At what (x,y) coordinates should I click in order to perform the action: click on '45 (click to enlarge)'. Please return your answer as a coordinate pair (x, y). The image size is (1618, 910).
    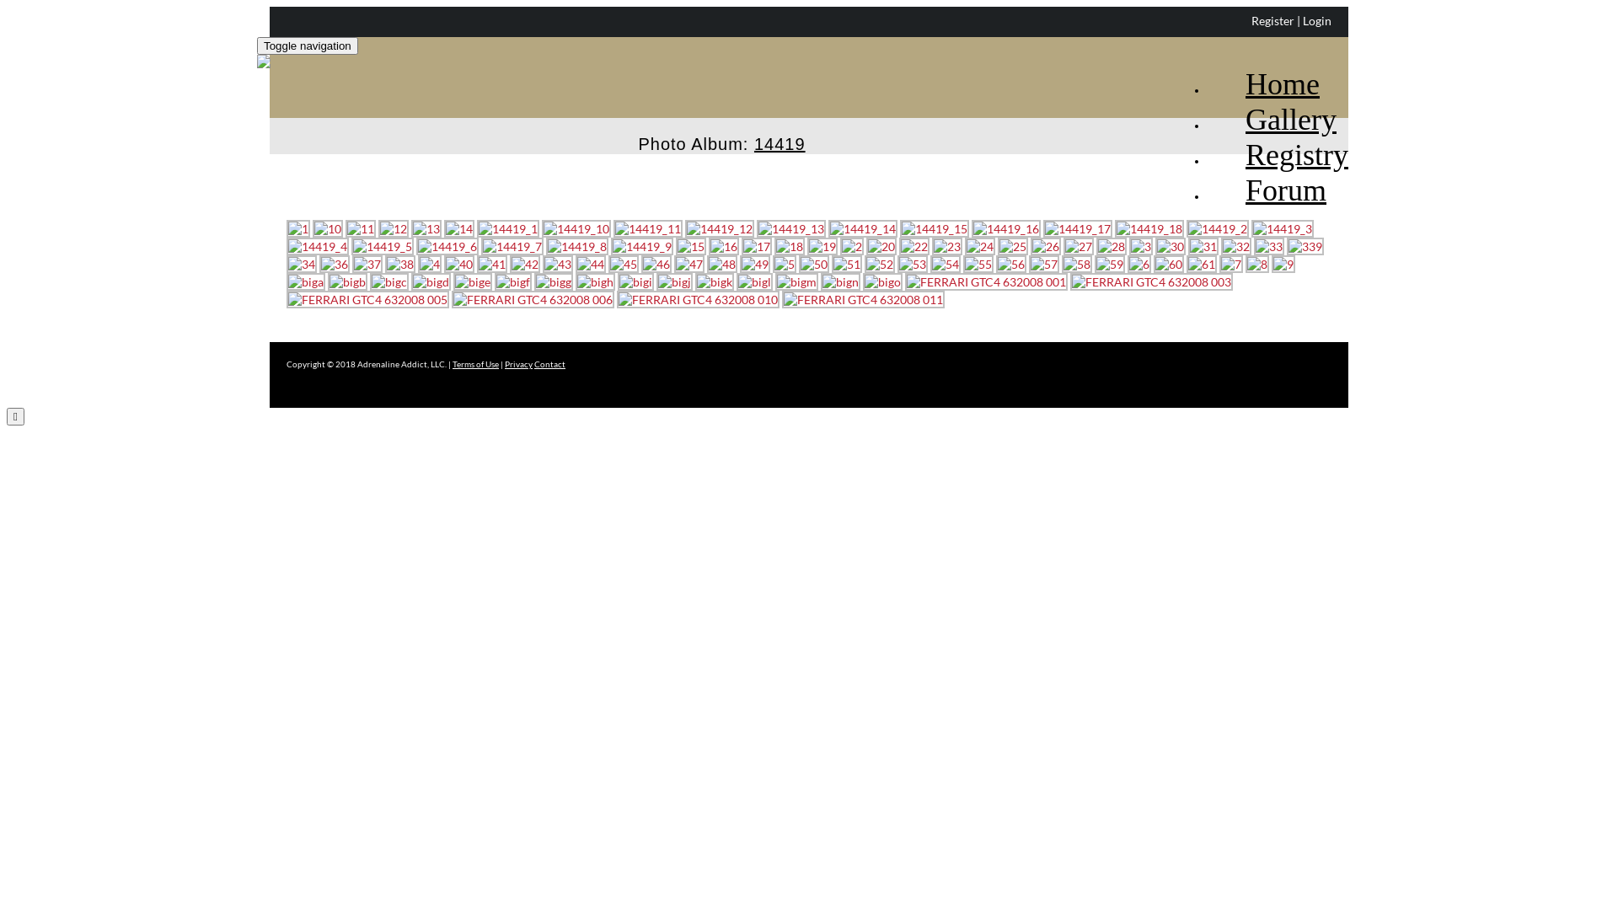
    Looking at the image, I should click on (622, 264).